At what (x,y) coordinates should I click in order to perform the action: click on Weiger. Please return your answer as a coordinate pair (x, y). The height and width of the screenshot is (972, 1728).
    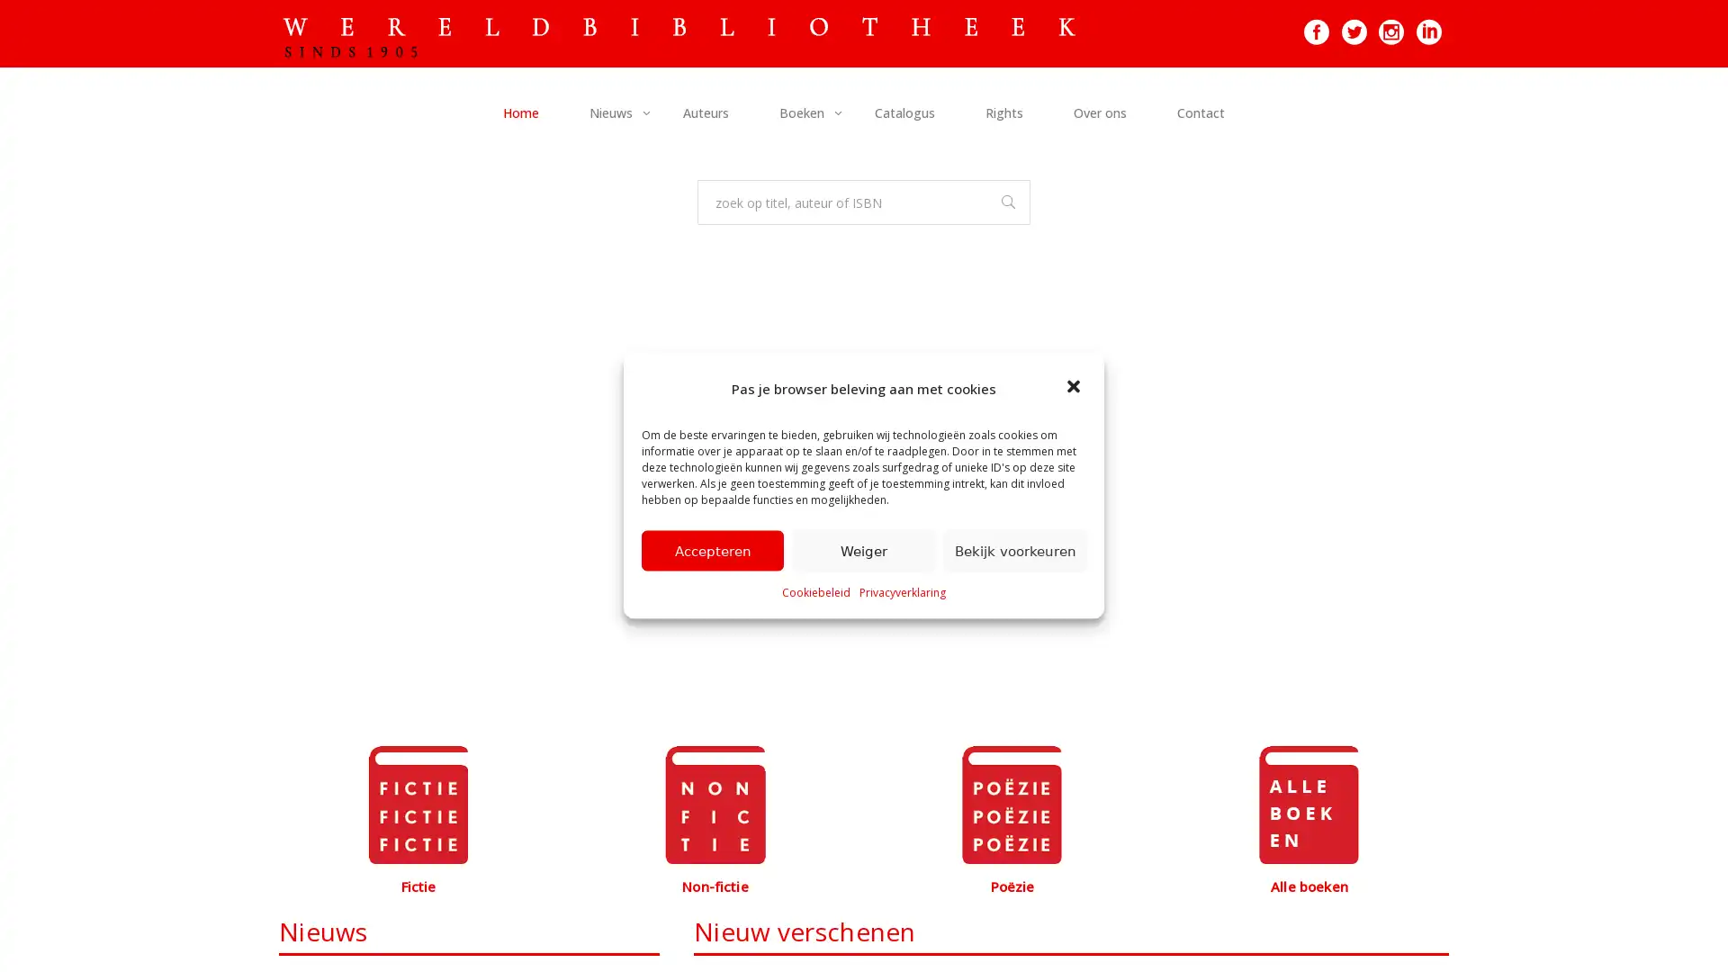
    Looking at the image, I should click on (864, 549).